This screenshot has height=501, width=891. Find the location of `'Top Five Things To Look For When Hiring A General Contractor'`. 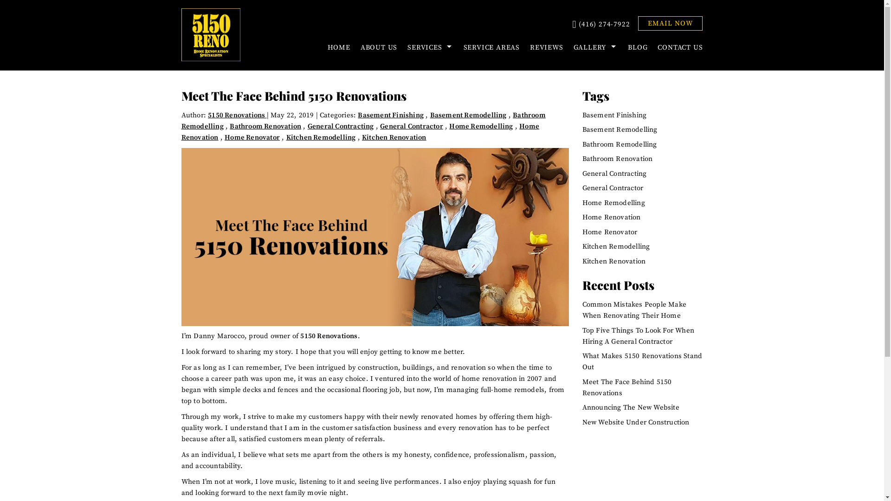

'Top Five Things To Look For When Hiring A General Contractor' is located at coordinates (638, 336).